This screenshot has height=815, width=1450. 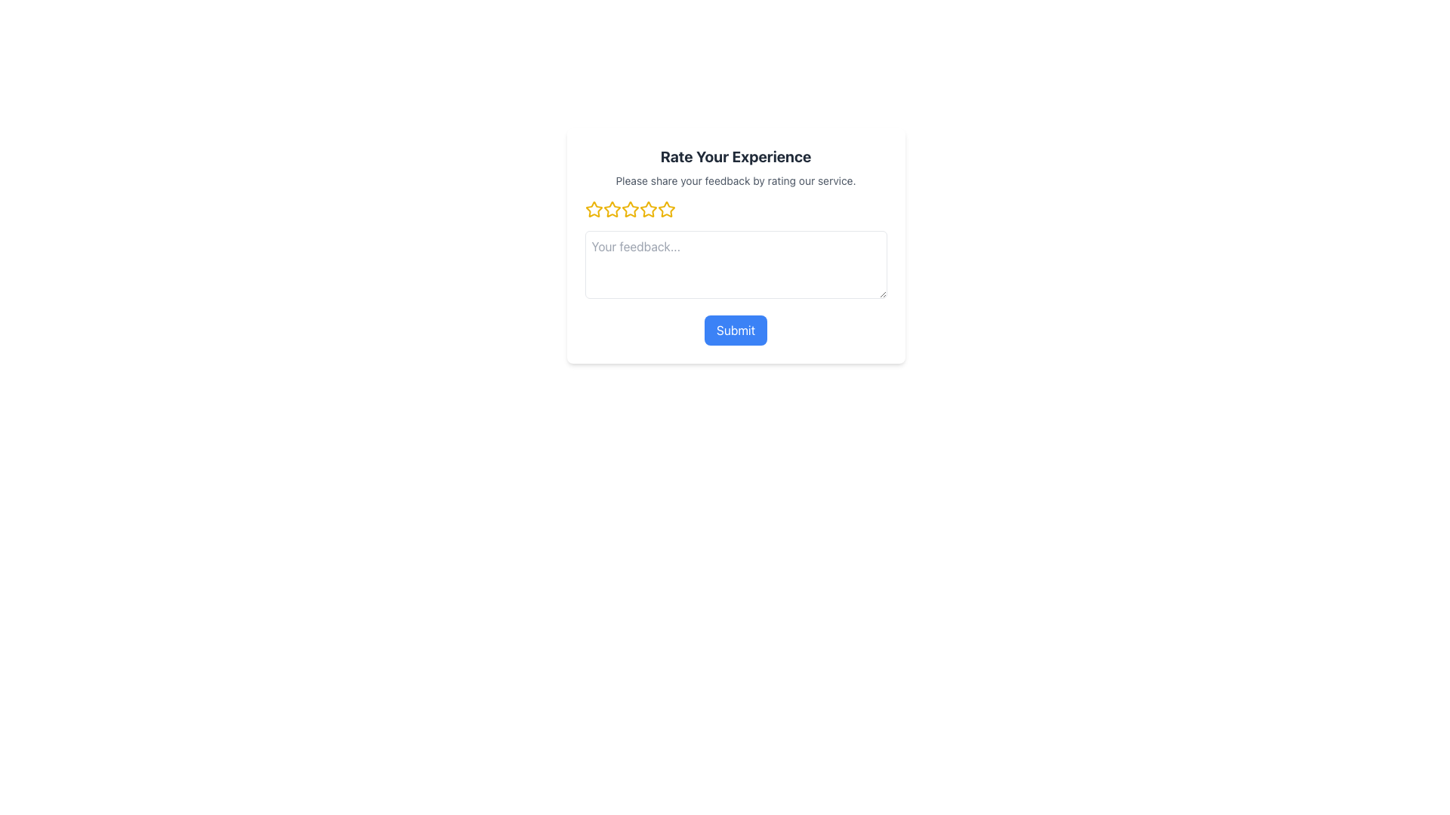 I want to click on the third star icon in the five-star rating component located below the 'Rate Your Experience' heading, so click(x=630, y=209).